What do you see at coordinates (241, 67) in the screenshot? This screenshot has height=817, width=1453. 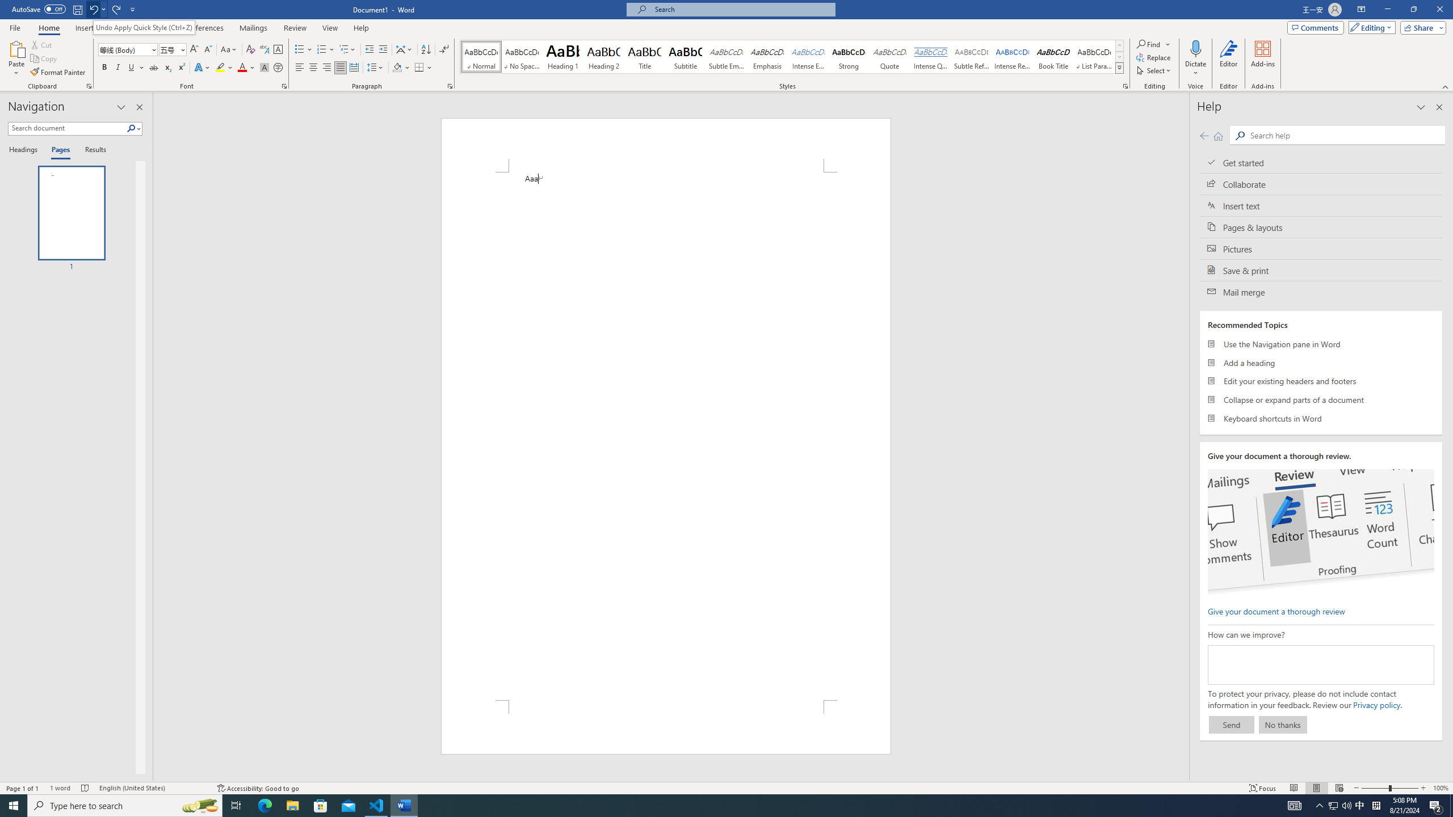 I see `'Font Color Red'` at bounding box center [241, 67].